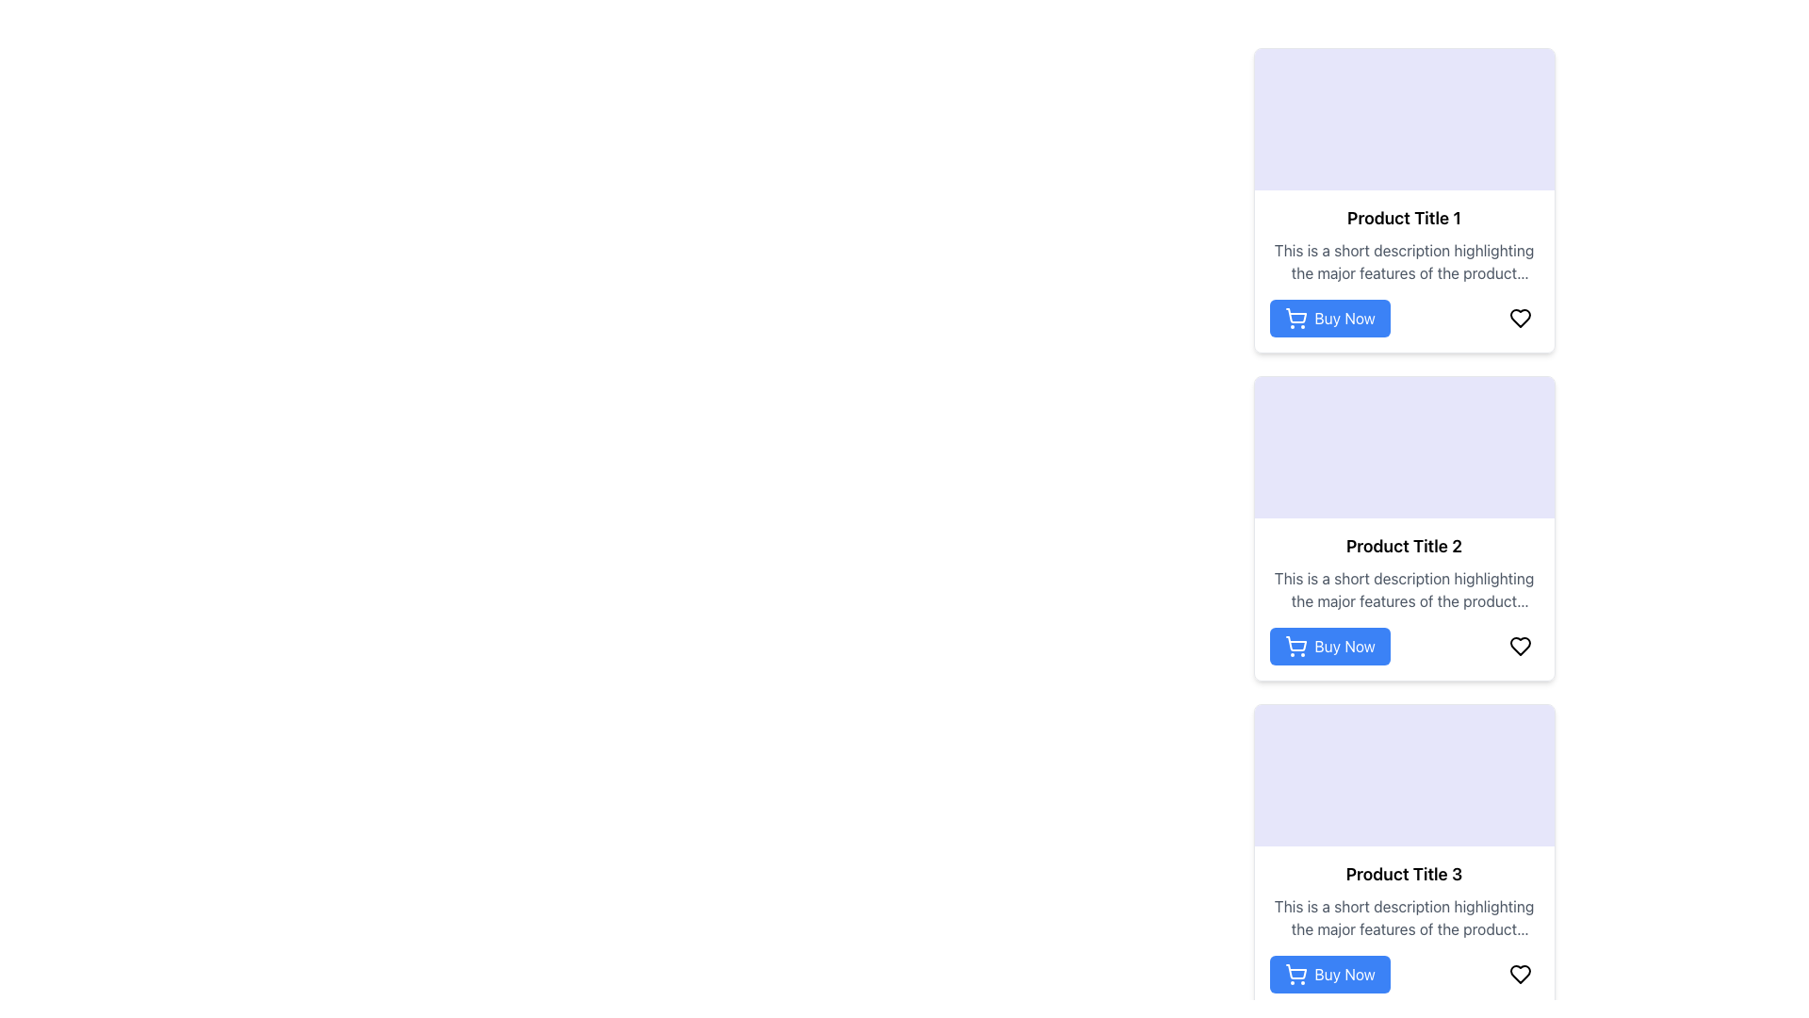  I want to click on static text displaying 'Product Title 1' in bold, black font located at the top of the first product card, so click(1404, 217).